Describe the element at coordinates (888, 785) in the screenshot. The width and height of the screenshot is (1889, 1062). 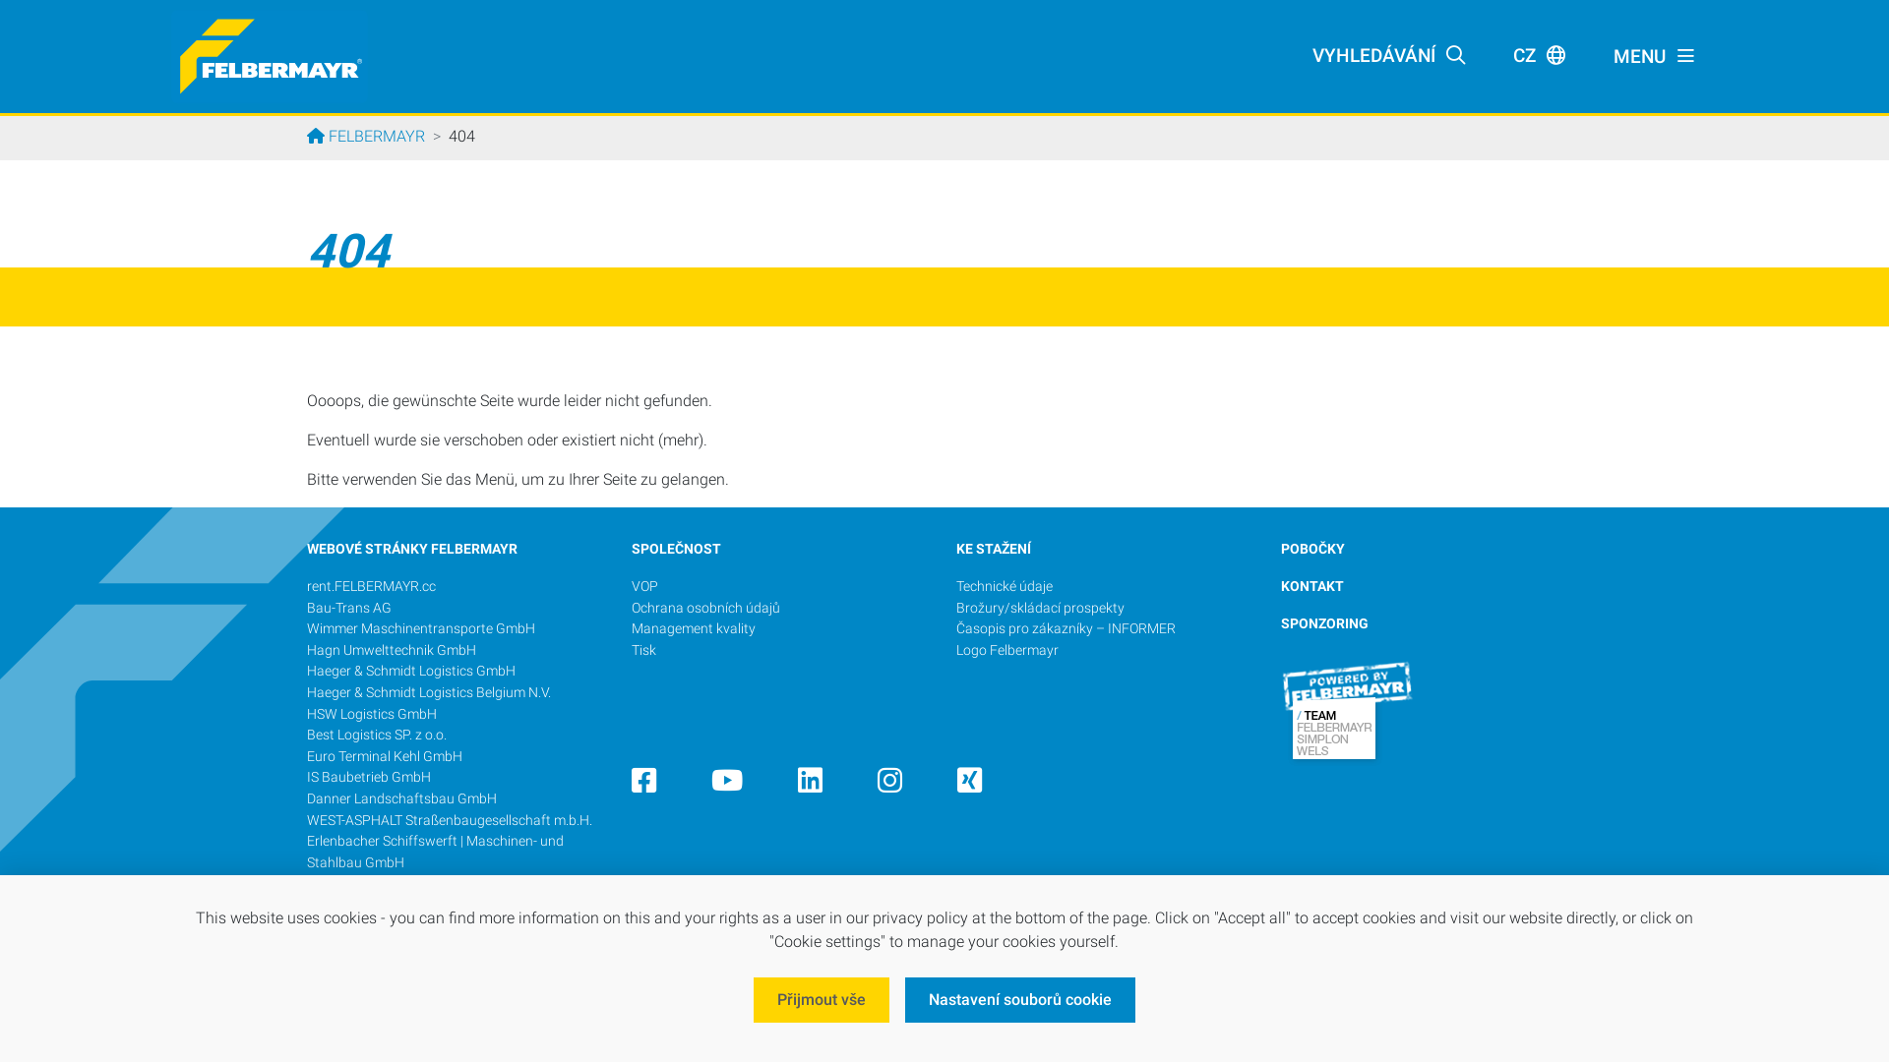
I see `'Instagram'` at that location.